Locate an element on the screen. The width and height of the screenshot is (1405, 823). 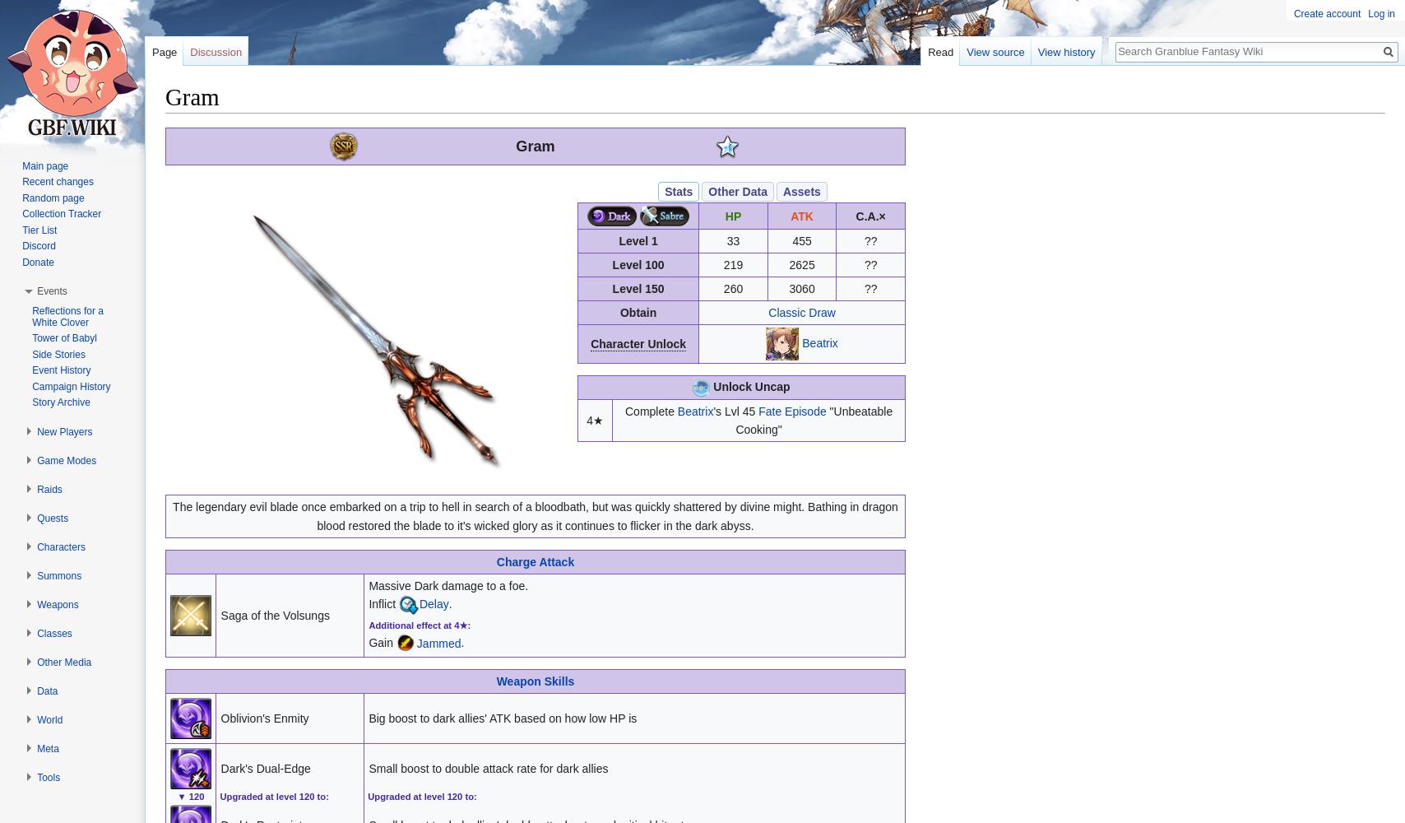
'"Unbeatable Cooking"' is located at coordinates (814, 420).